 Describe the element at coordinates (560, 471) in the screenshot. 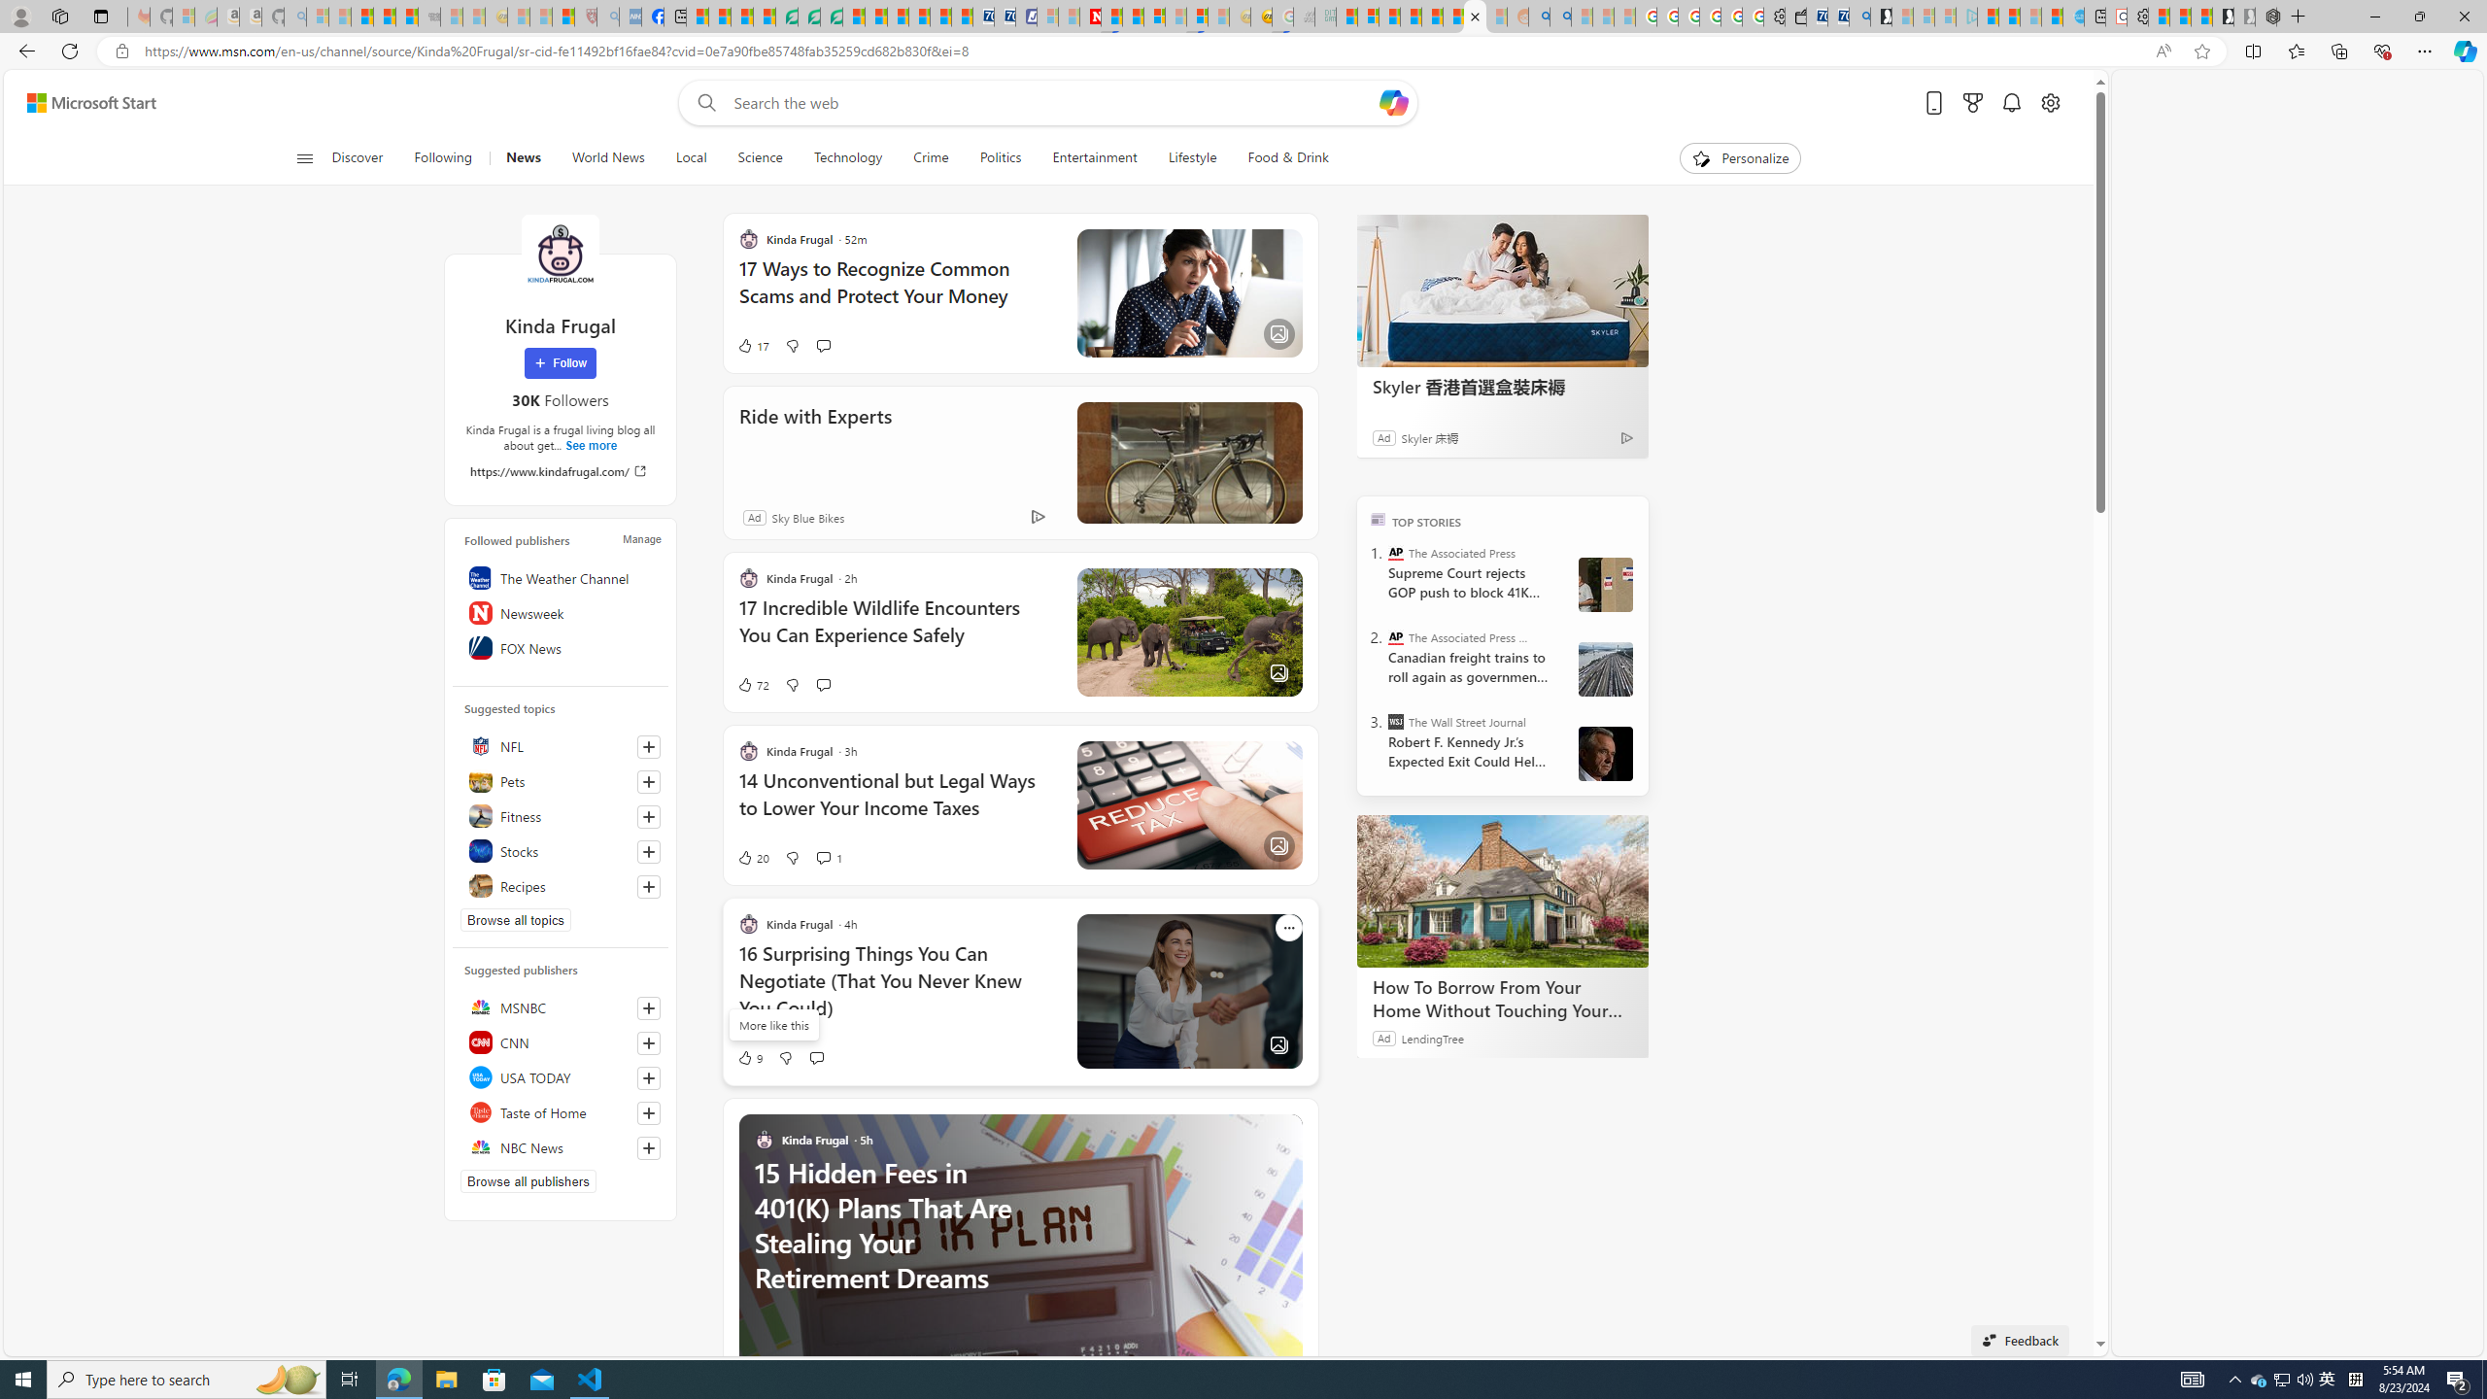

I see `'https://www.kindafrugal.com/'` at that location.